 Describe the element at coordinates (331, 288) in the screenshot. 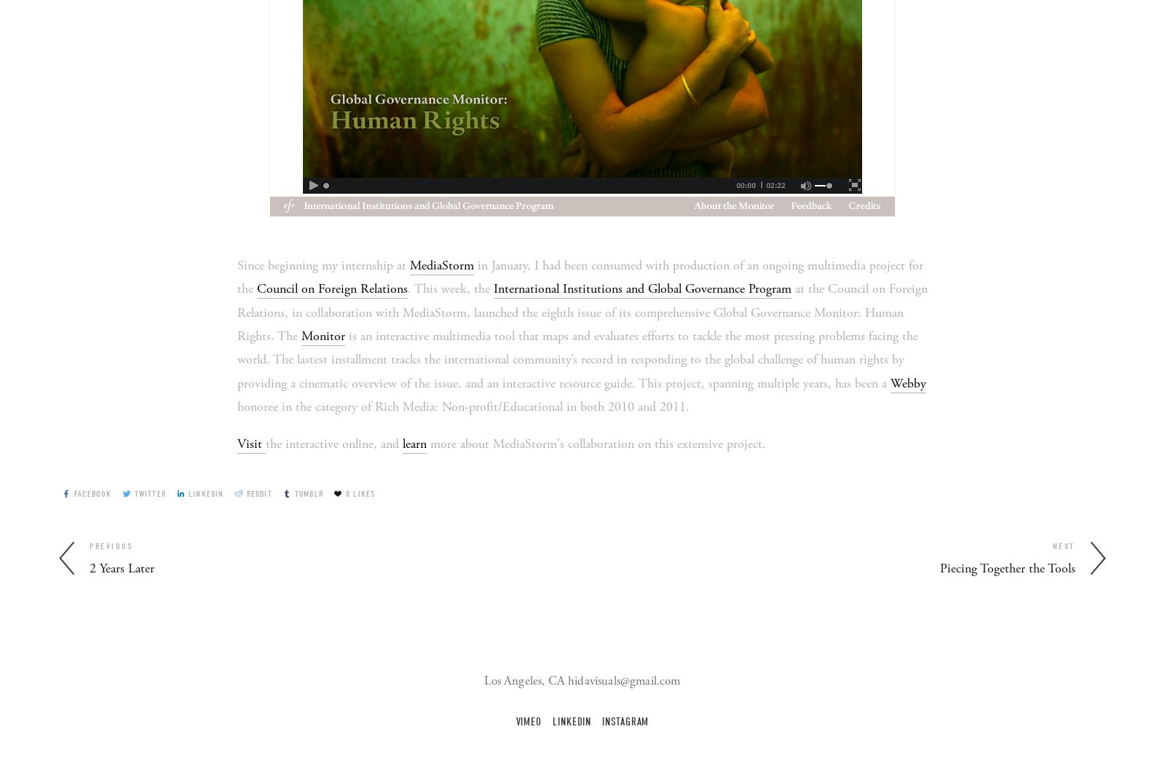

I see `'Council on Foreign Relations'` at that location.